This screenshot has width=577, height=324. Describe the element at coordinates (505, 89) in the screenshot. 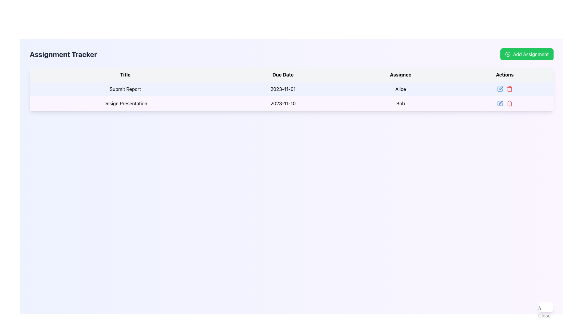

I see `the Small Icon Button in the 'Actions' column of the 'Submit Report' row` at that location.